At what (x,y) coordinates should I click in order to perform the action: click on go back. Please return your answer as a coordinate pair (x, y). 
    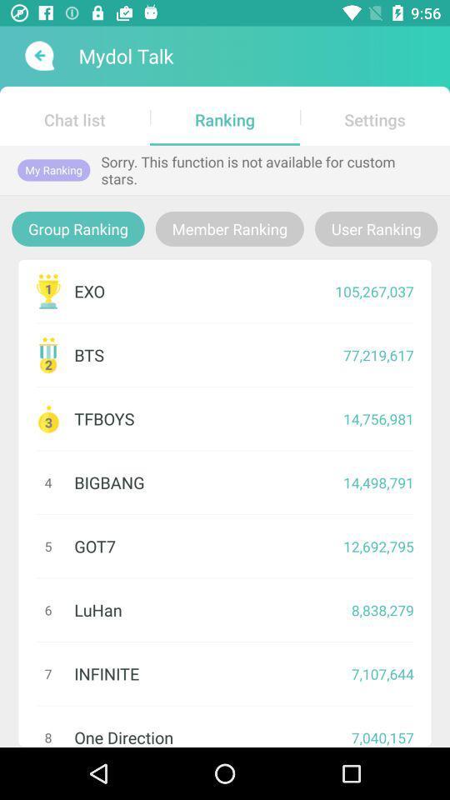
    Looking at the image, I should click on (37, 56).